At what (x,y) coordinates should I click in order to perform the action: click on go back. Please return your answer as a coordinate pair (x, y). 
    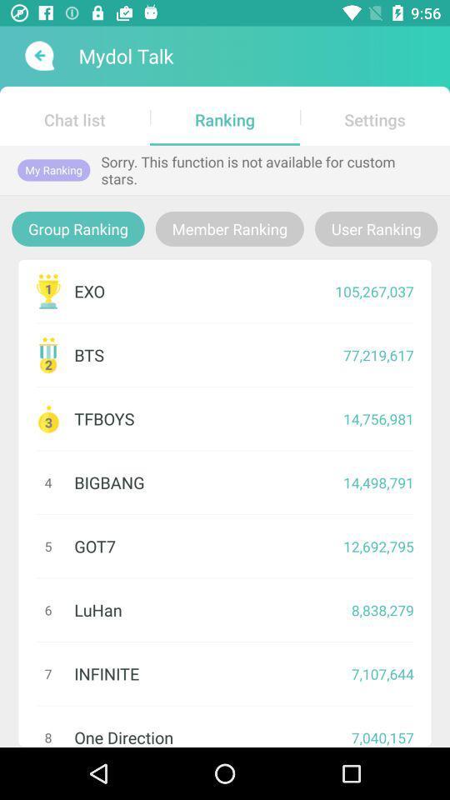
    Looking at the image, I should click on (37, 56).